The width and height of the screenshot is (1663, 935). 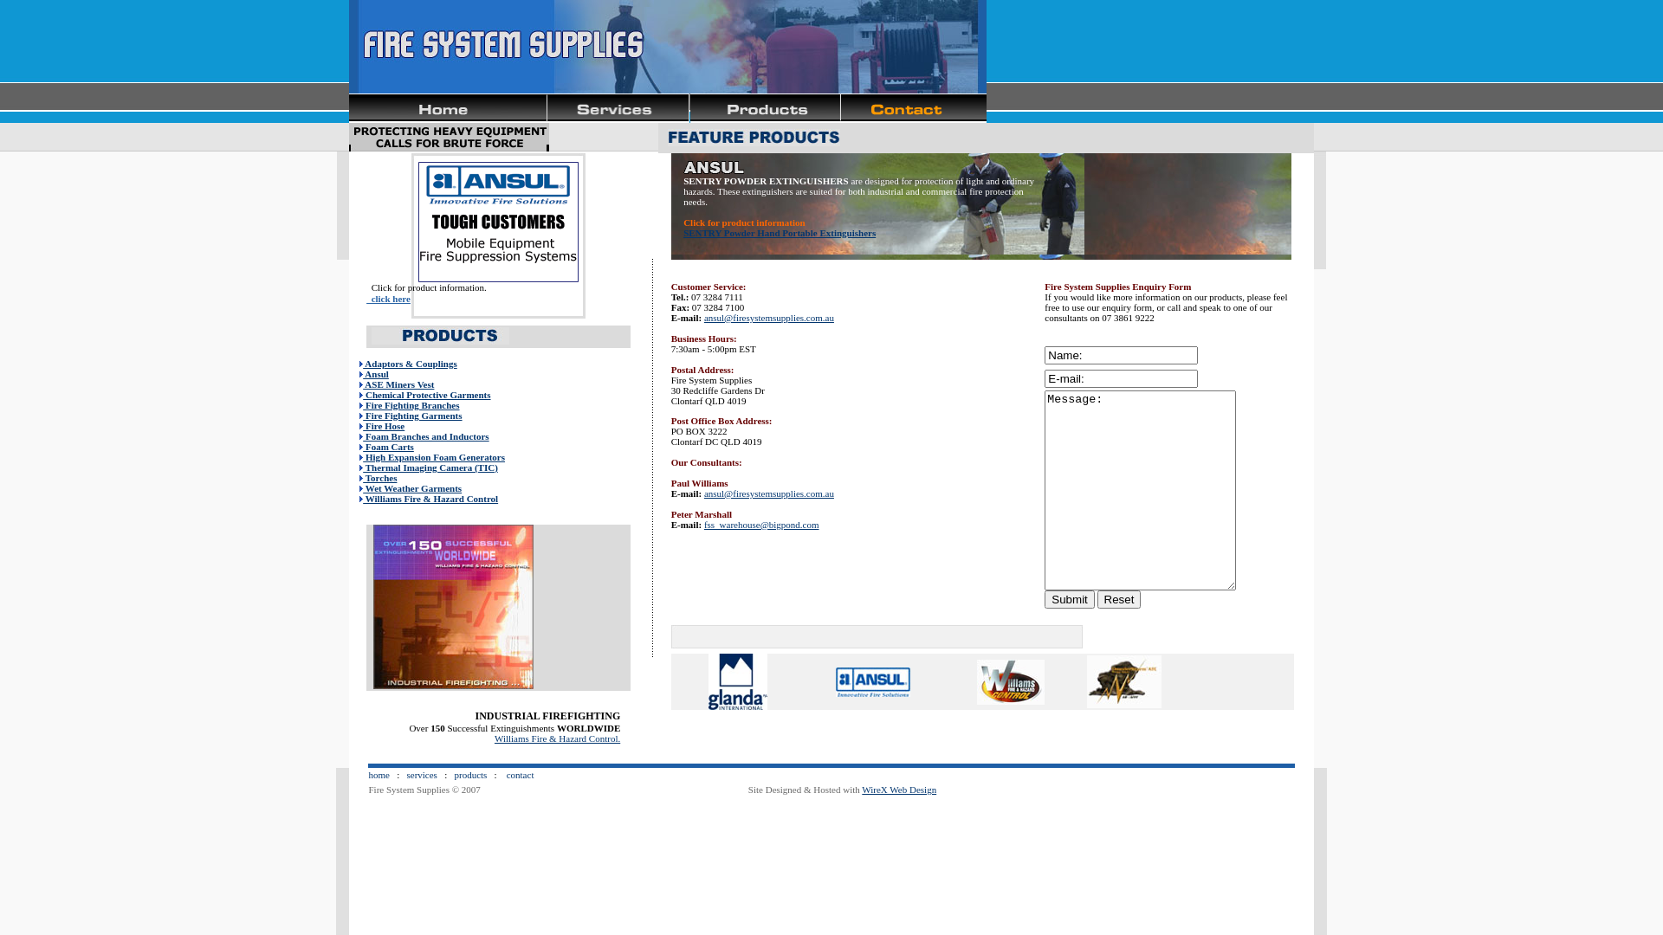 What do you see at coordinates (1043, 598) in the screenshot?
I see `'Submit'` at bounding box center [1043, 598].